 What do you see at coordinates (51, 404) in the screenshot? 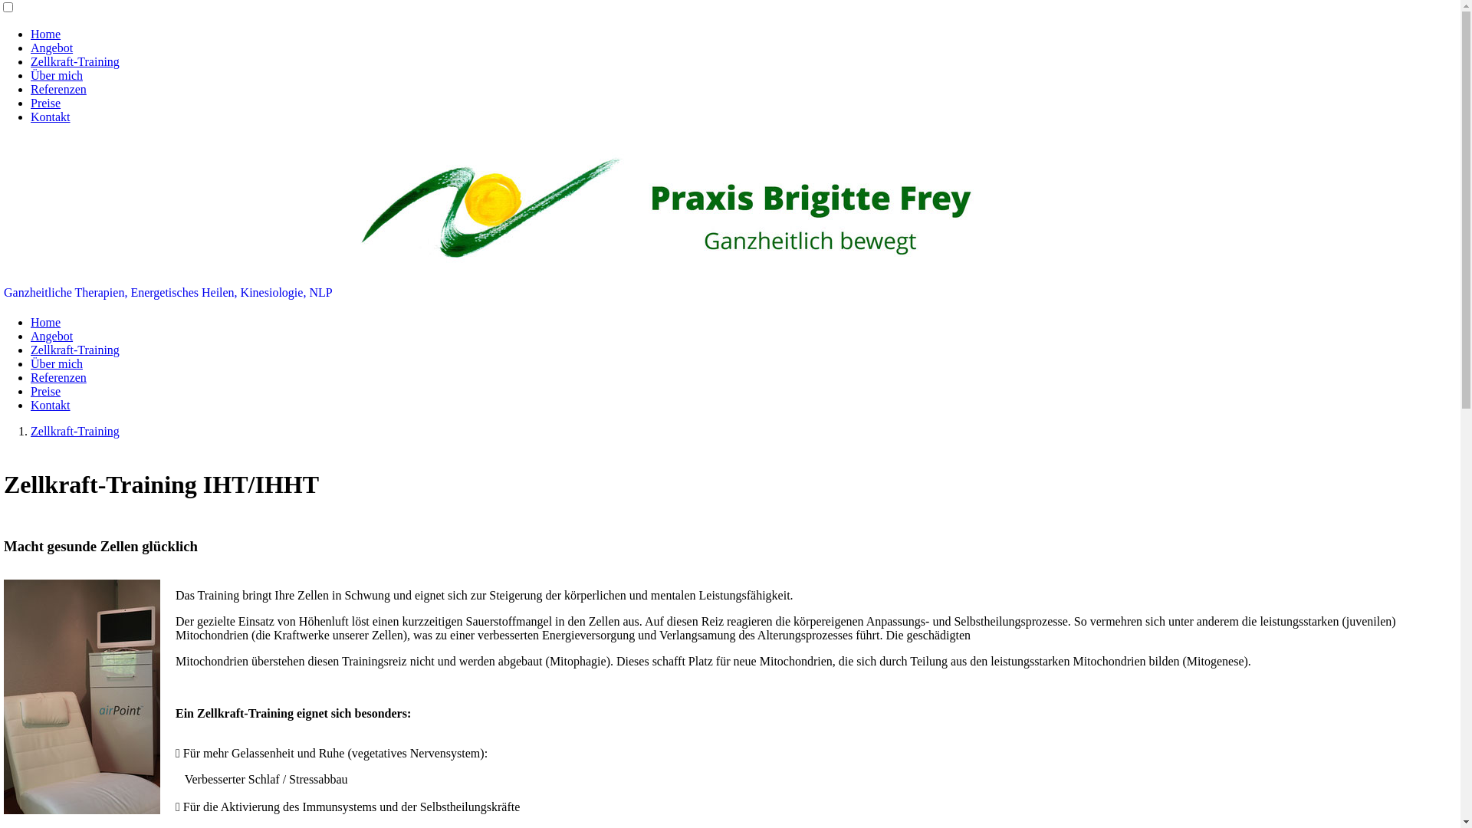
I see `'Kontakt'` at bounding box center [51, 404].